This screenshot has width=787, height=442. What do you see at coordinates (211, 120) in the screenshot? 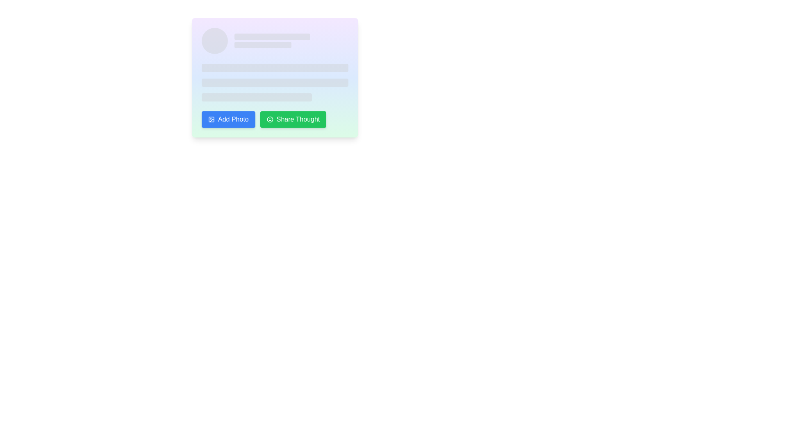
I see `the 'Add Photo' icon located at the top-left corner of the 'Add Photo' button, adjacent to the text 'Add Photo'` at bounding box center [211, 120].